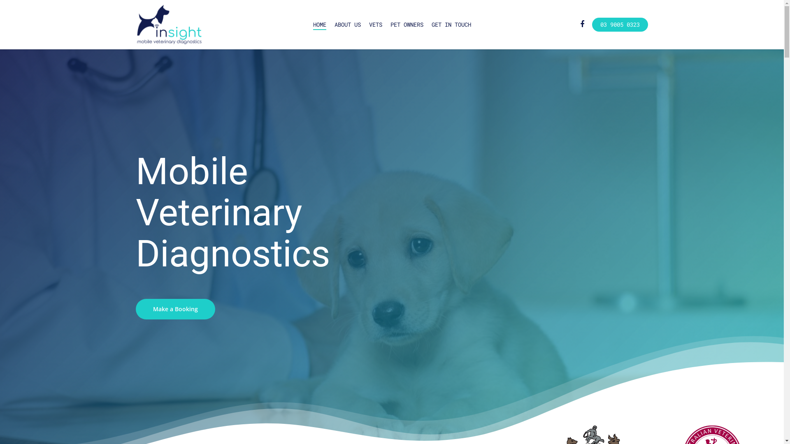  I want to click on 'Make a Booking', so click(175, 309).